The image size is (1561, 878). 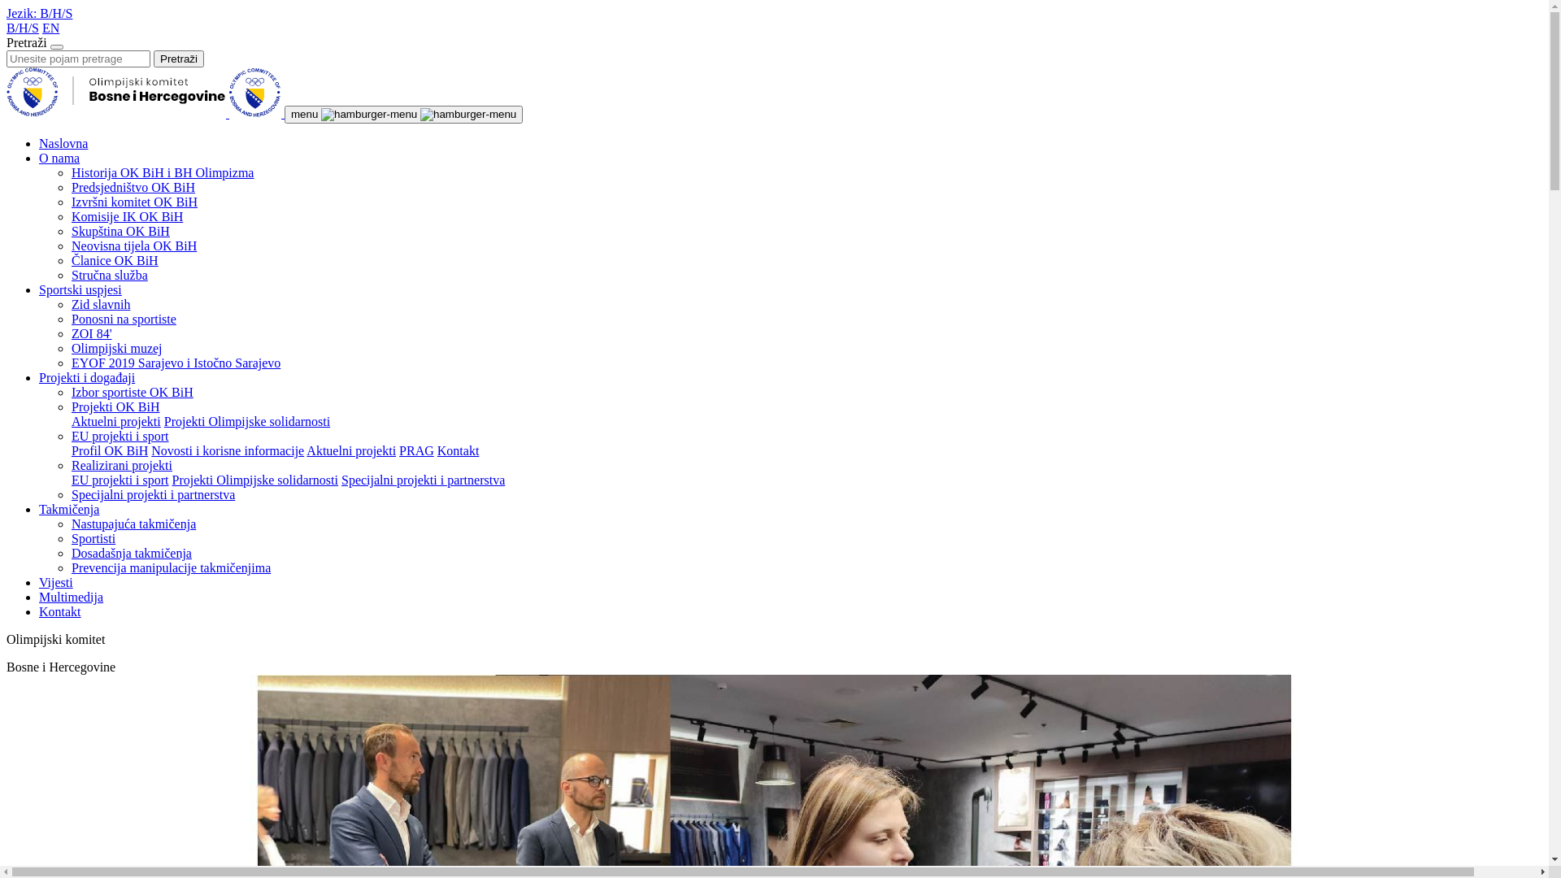 I want to click on 'Multimedija', so click(x=70, y=597).